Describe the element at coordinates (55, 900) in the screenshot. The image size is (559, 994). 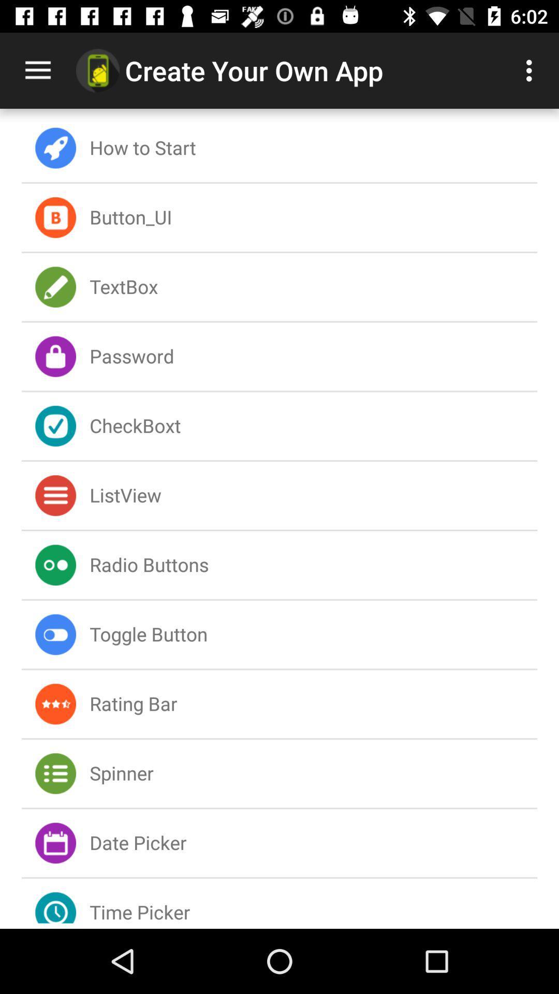
I see `icon beside time picker` at that location.